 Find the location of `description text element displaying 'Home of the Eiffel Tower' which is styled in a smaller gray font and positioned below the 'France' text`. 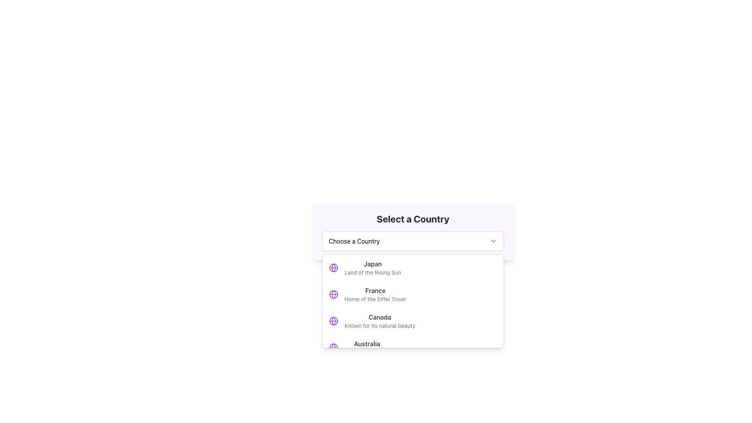

description text element displaying 'Home of the Eiffel Tower' which is styled in a smaller gray font and positioned below the 'France' text is located at coordinates (375, 299).